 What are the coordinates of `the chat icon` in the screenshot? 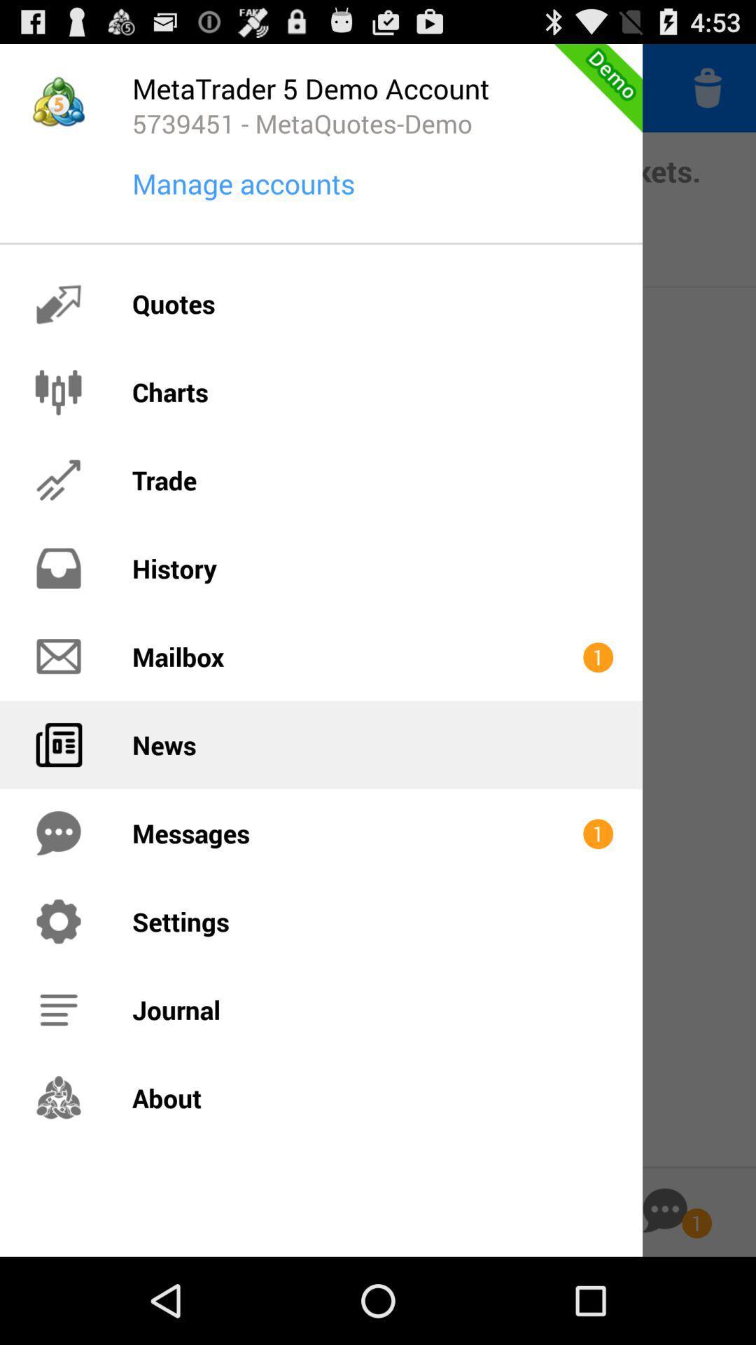 It's located at (664, 1295).